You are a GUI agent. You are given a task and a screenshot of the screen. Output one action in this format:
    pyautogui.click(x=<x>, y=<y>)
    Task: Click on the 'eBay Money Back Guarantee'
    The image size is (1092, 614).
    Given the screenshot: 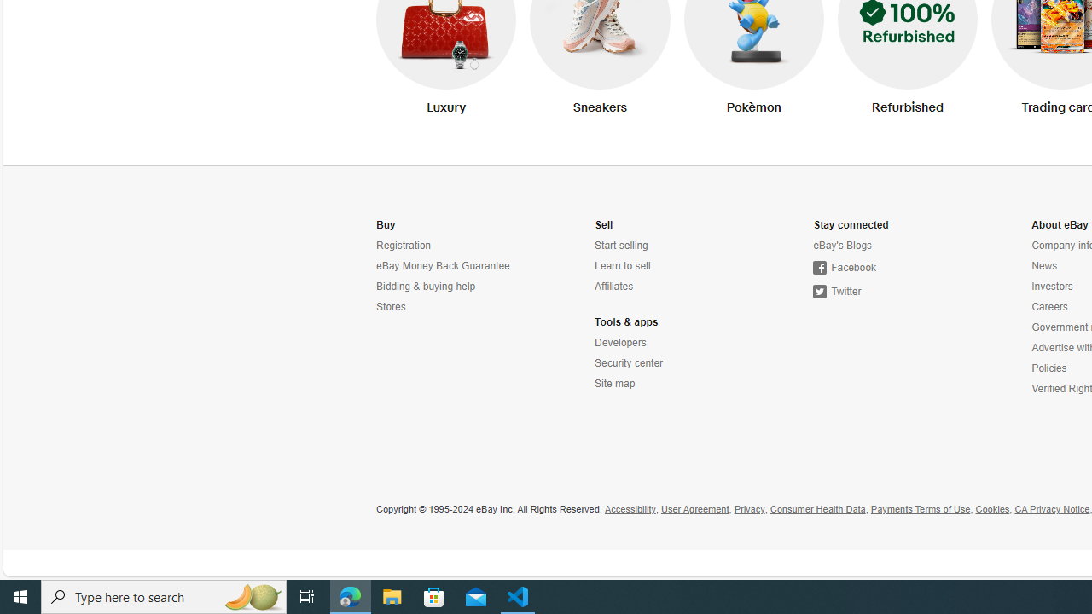 What is the action you would take?
    pyautogui.click(x=443, y=266)
    